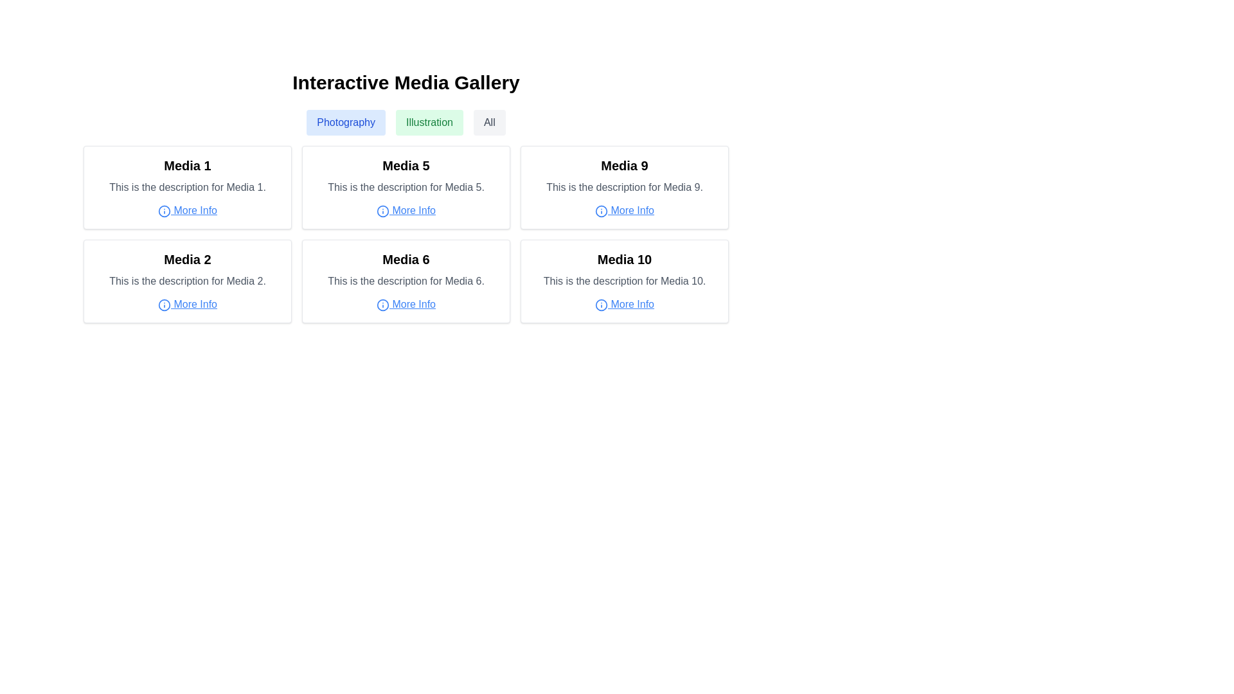 This screenshot has width=1234, height=694. I want to click on the small circular icon with an 'i' inside, which is styled in a blue outline and located next to the text 'More Info' under the description of 'Media 2', so click(163, 305).